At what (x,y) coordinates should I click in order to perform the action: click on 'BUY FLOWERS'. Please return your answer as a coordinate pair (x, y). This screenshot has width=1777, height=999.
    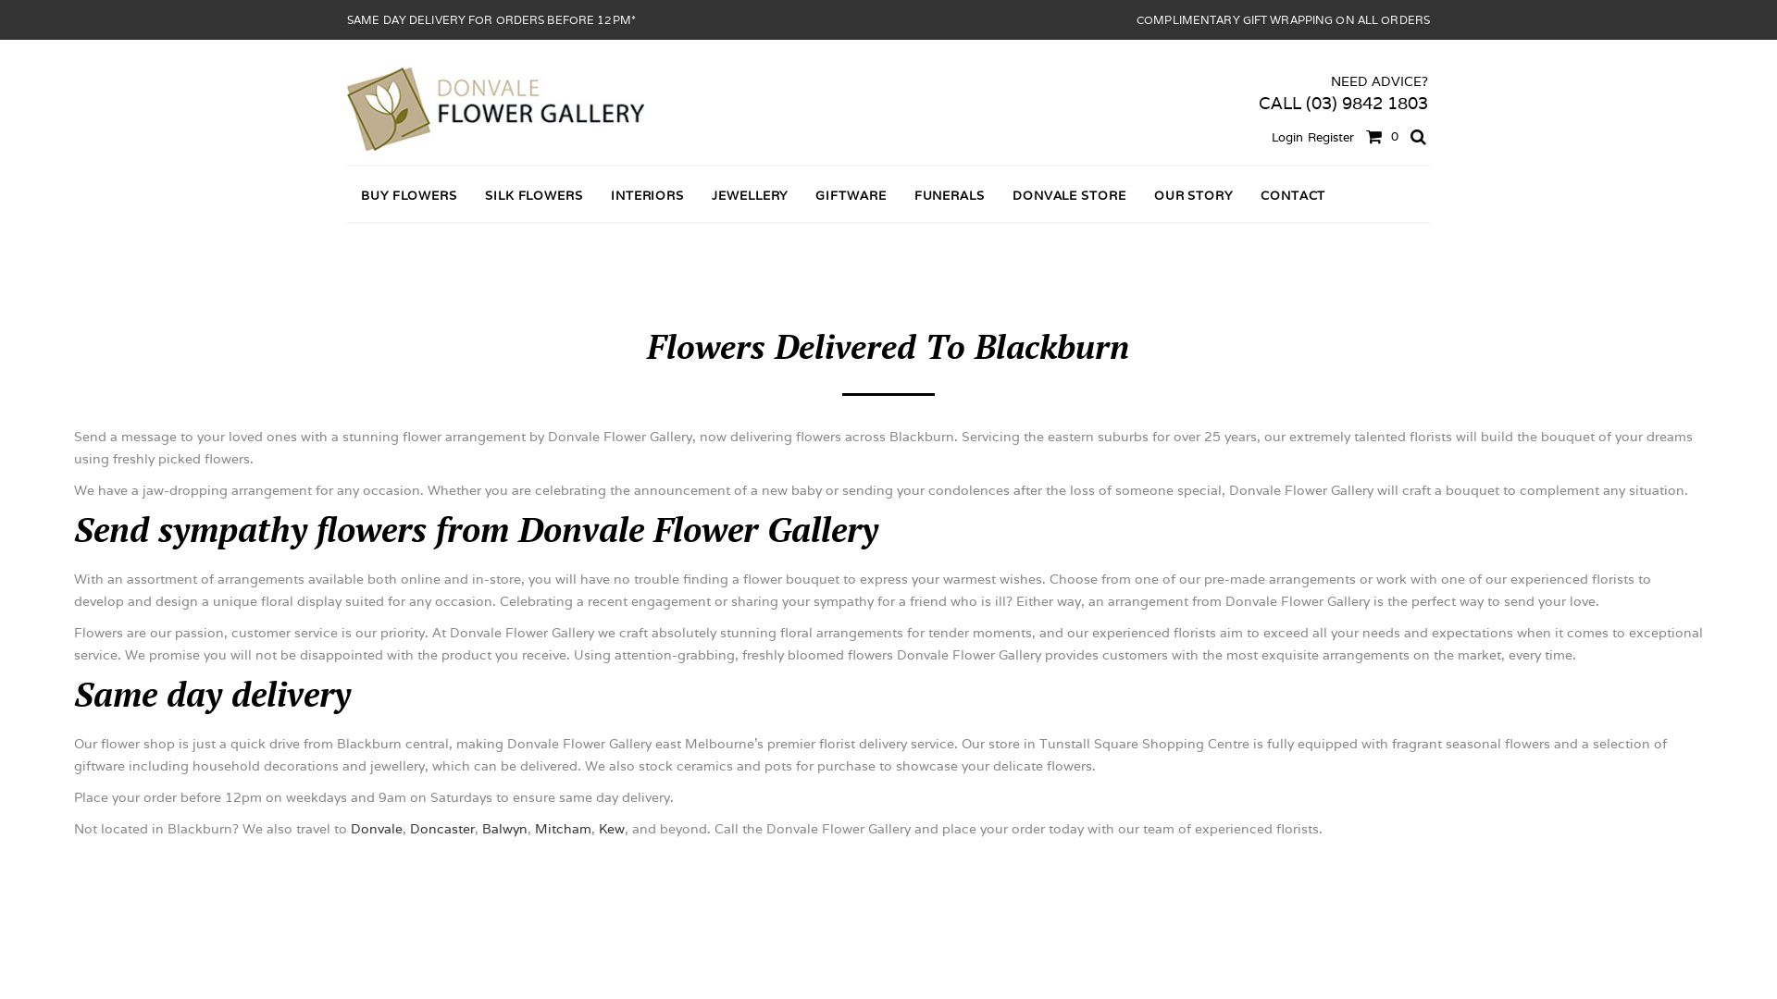
    Looking at the image, I should click on (407, 195).